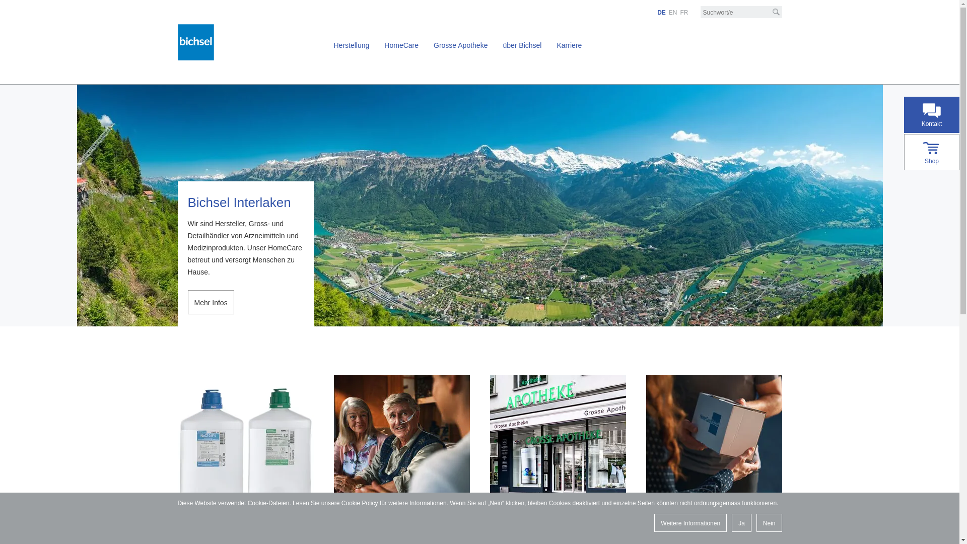 Image resolution: width=967 pixels, height=544 pixels. I want to click on 'EN', so click(673, 12).